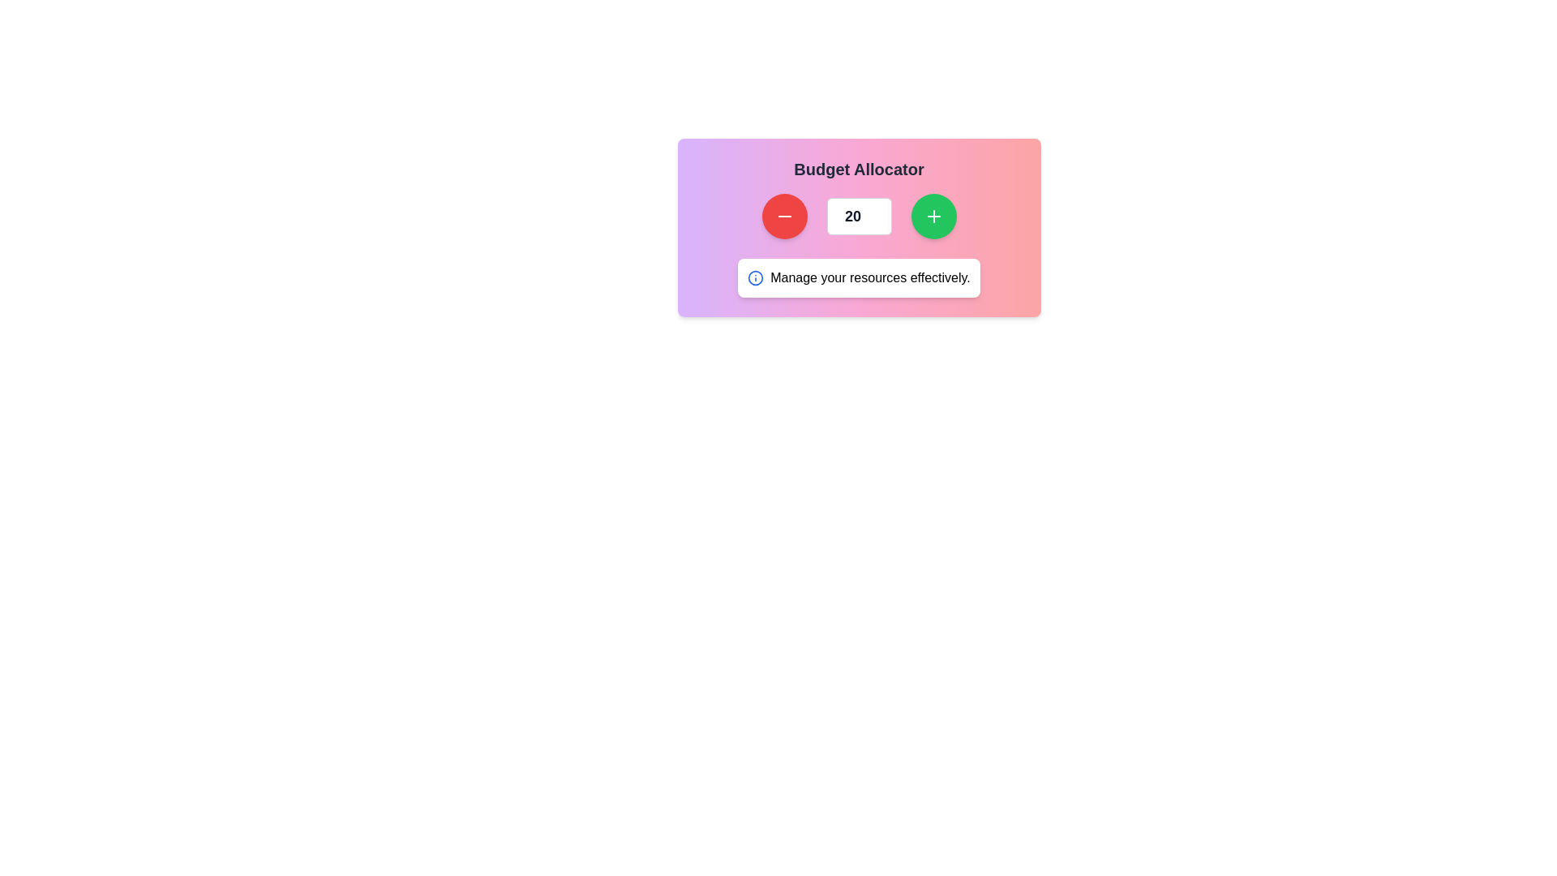  I want to click on the decrement icon located centrally inside the rounded red button, which is positioned to the left of the input box displaying the number '20' in the 'Budget Allocator' interface to decrement the value, so click(784, 215).